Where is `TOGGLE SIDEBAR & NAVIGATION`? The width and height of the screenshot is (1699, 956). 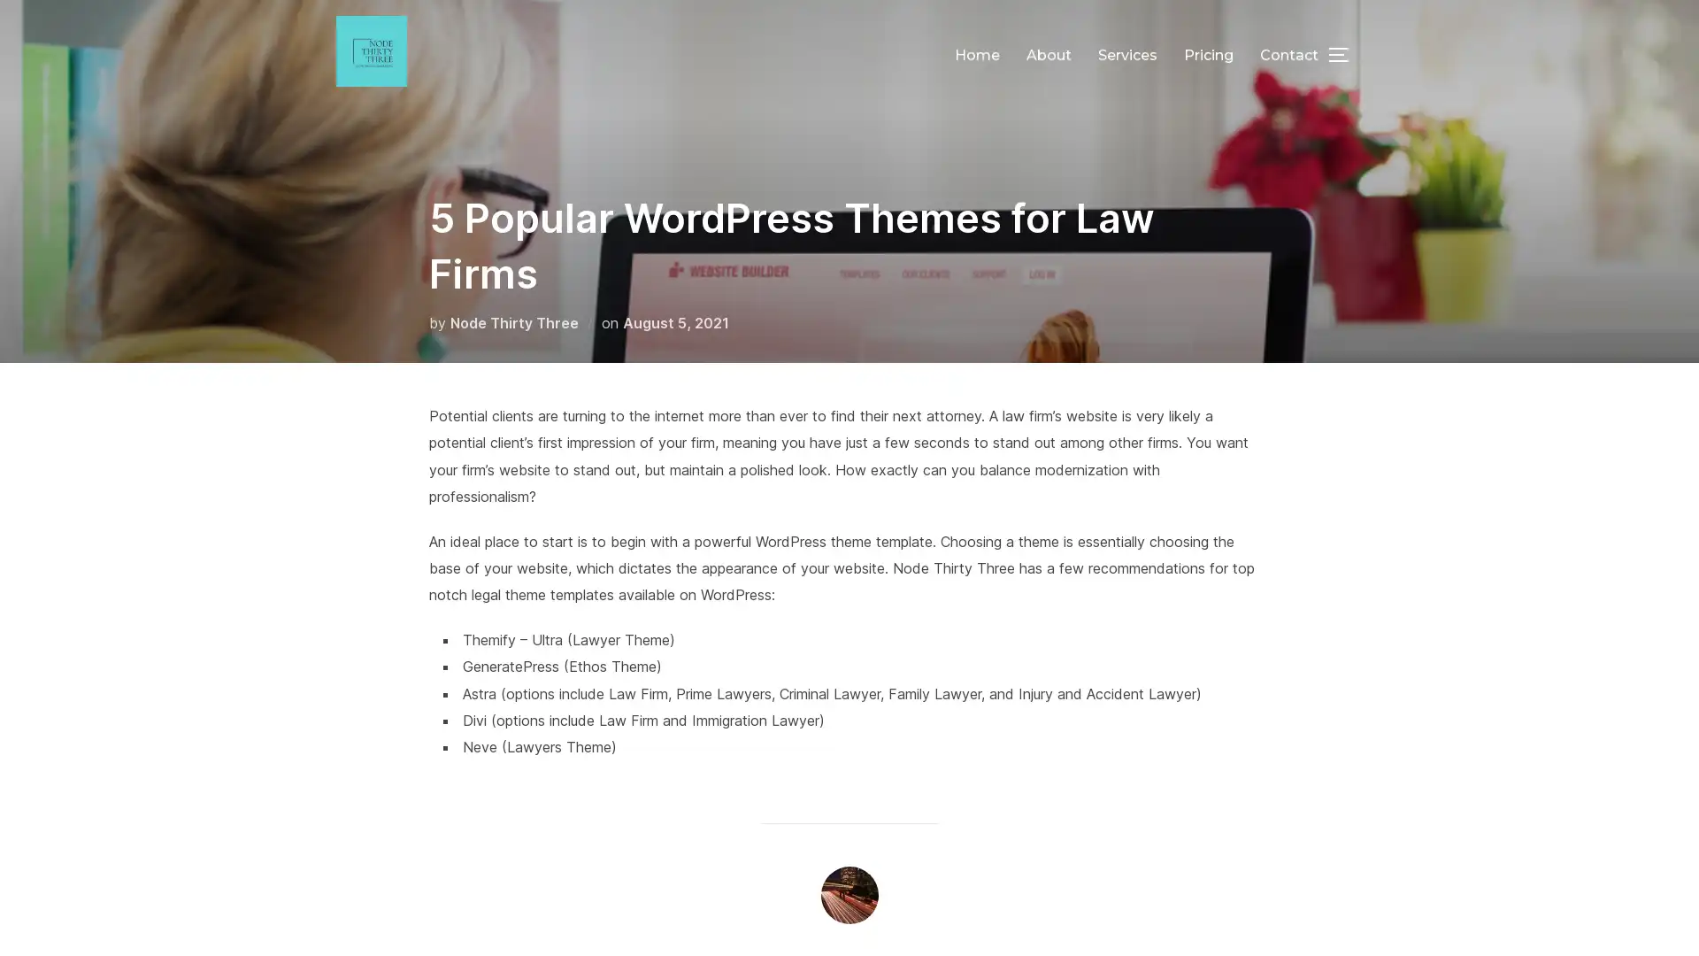 TOGGLE SIDEBAR & NAVIGATION is located at coordinates (1345, 53).